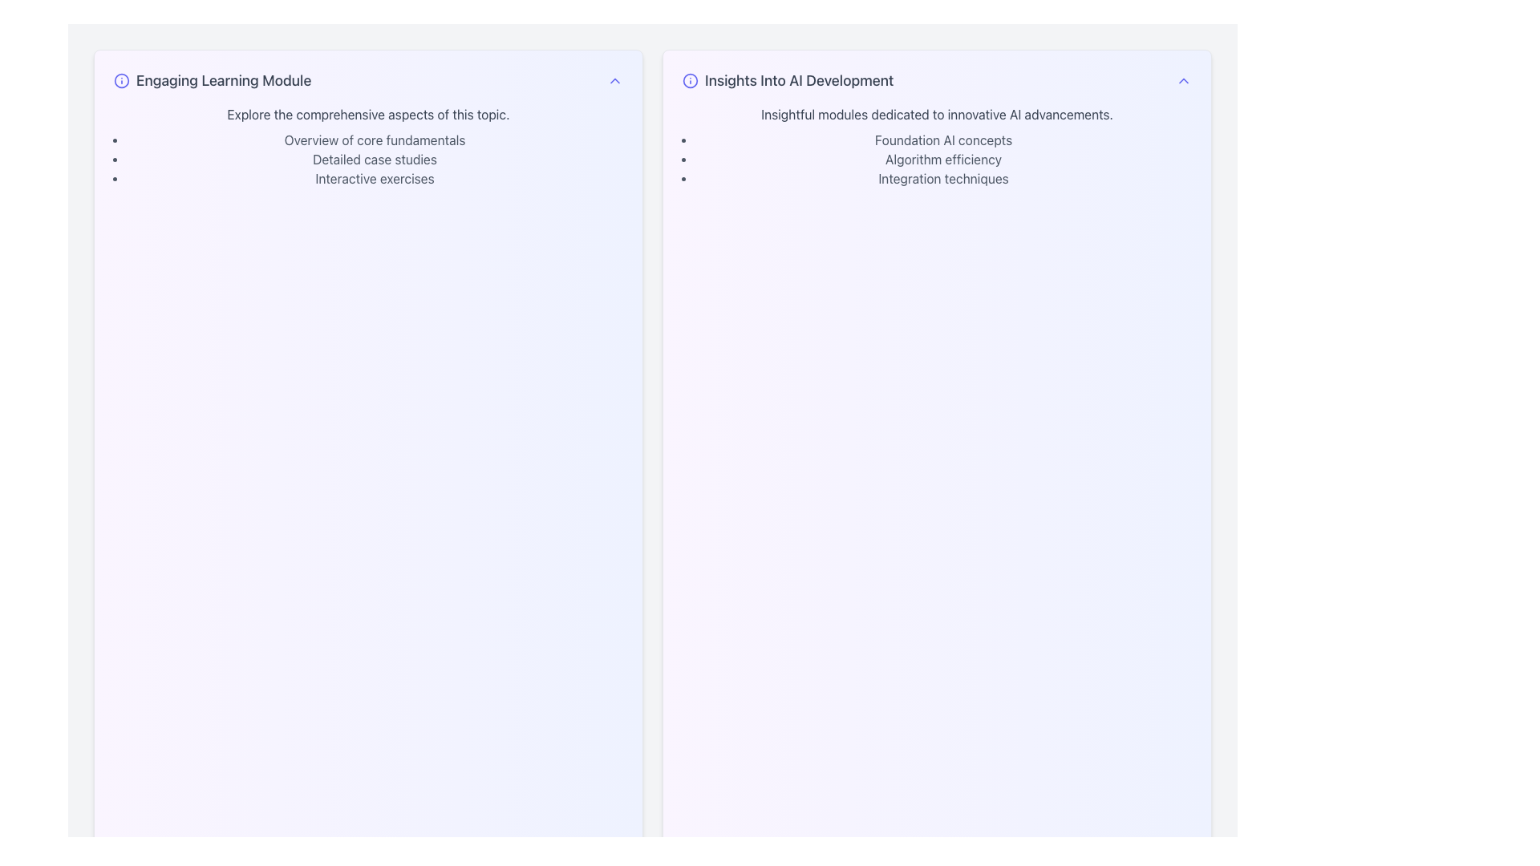  Describe the element at coordinates (943, 160) in the screenshot. I see `the bullet point list of topics related to AI advancements, positioned below the text 'Insightful modules dedicated to innovative AI advancements.' in the right column` at that location.